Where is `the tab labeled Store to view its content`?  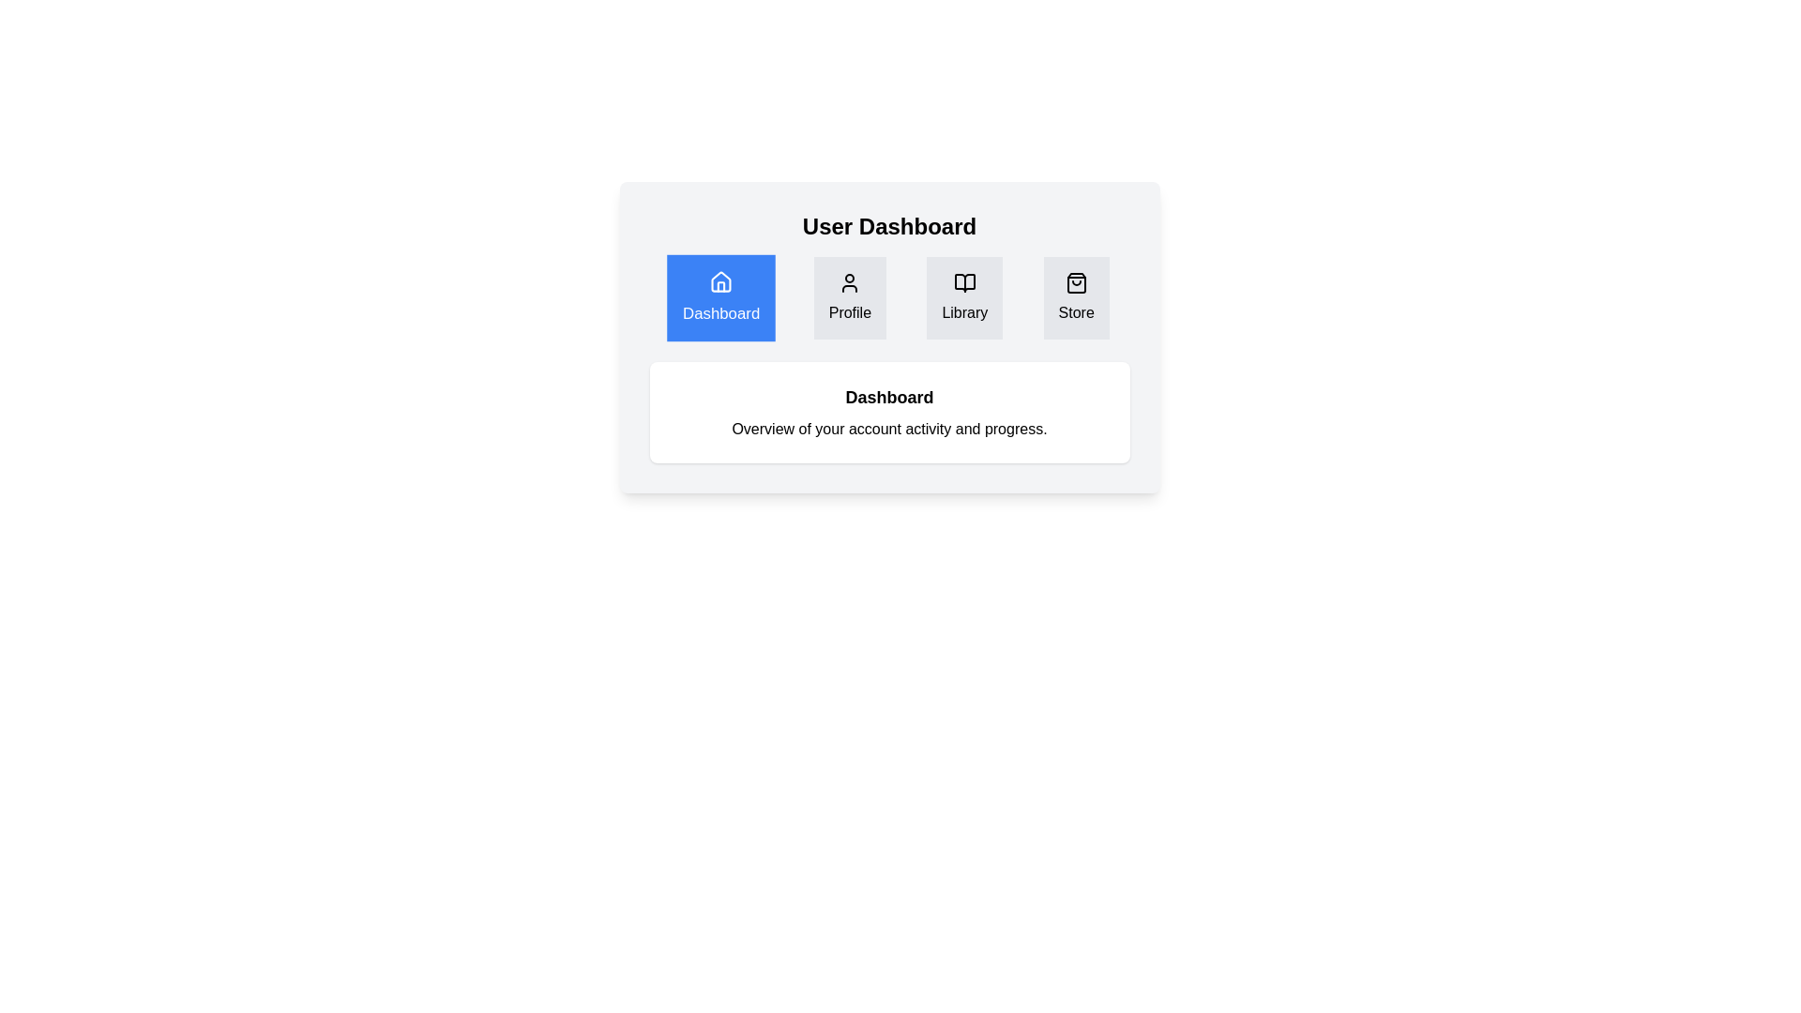
the tab labeled Store to view its content is located at coordinates (1076, 296).